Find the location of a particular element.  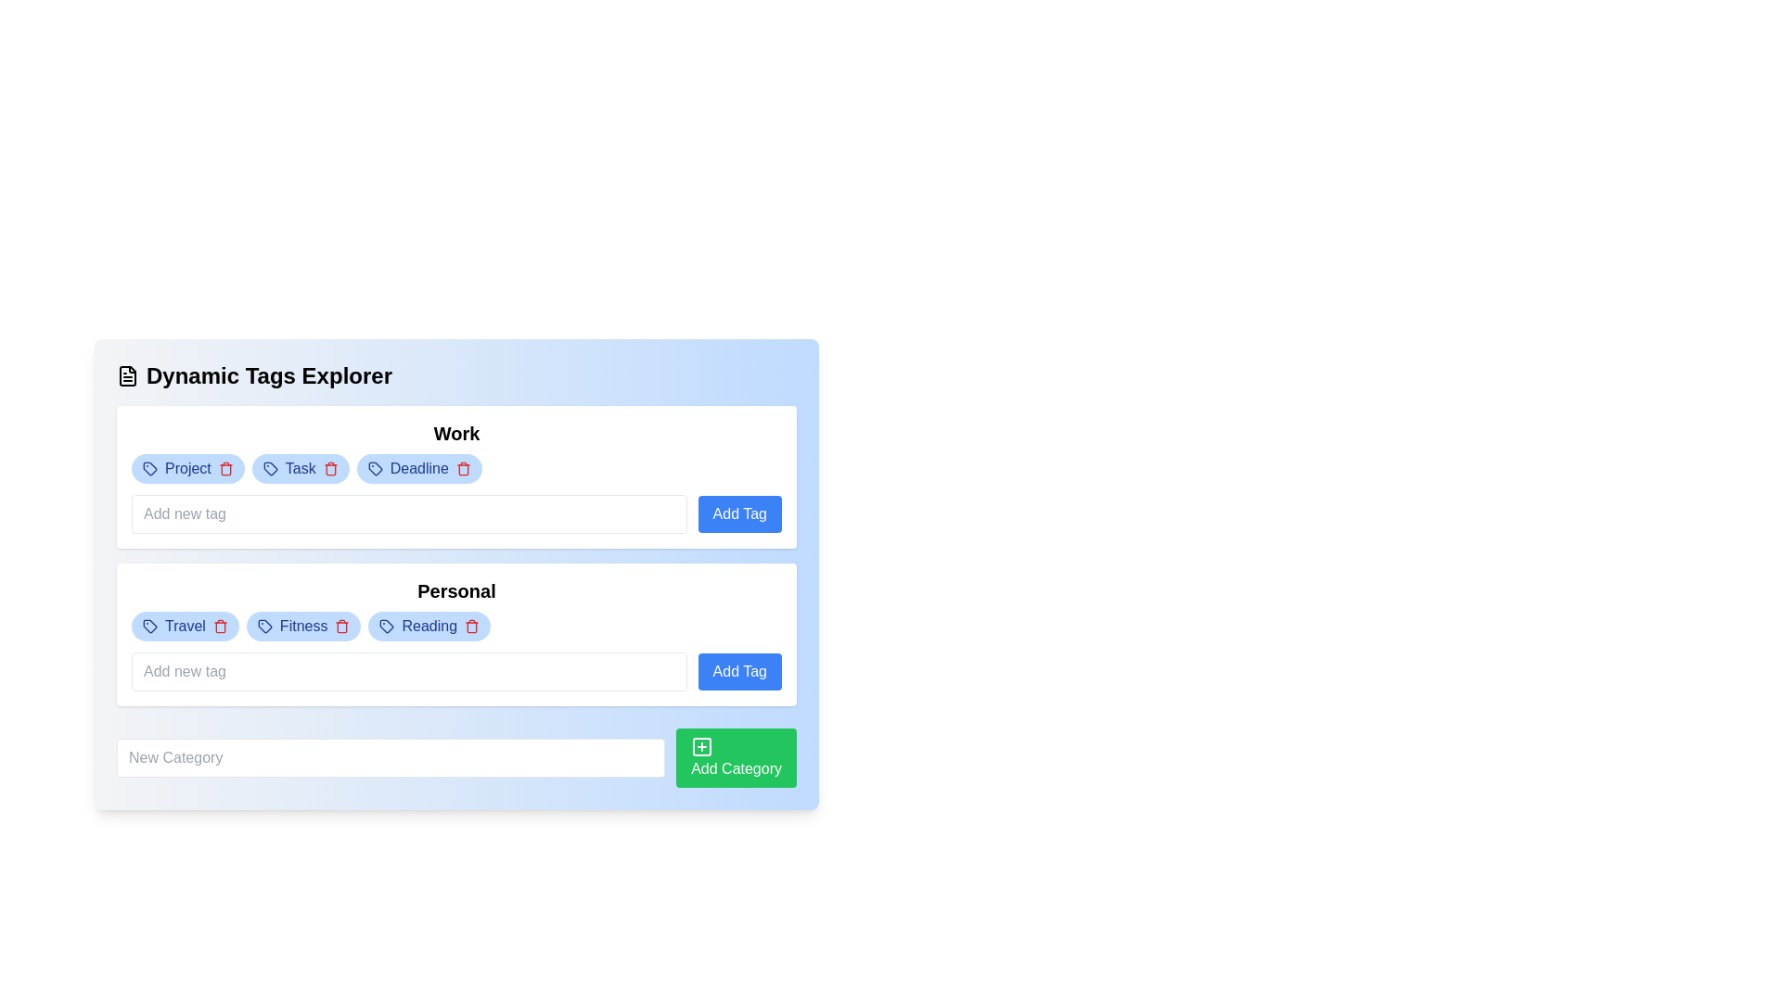

the header text label categorizing the associated tags located beneath the 'Work' section, positioned at the upper center of the section is located at coordinates (456, 590).